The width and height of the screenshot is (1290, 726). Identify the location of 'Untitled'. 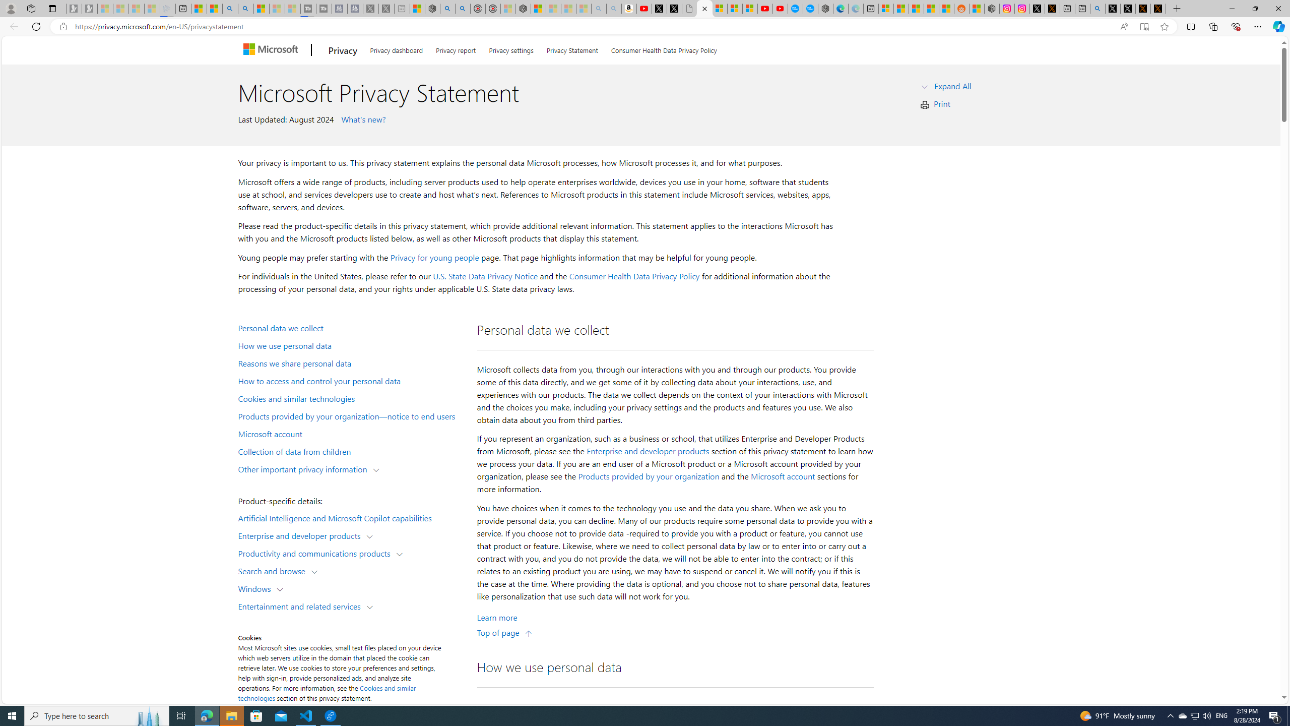
(689, 8).